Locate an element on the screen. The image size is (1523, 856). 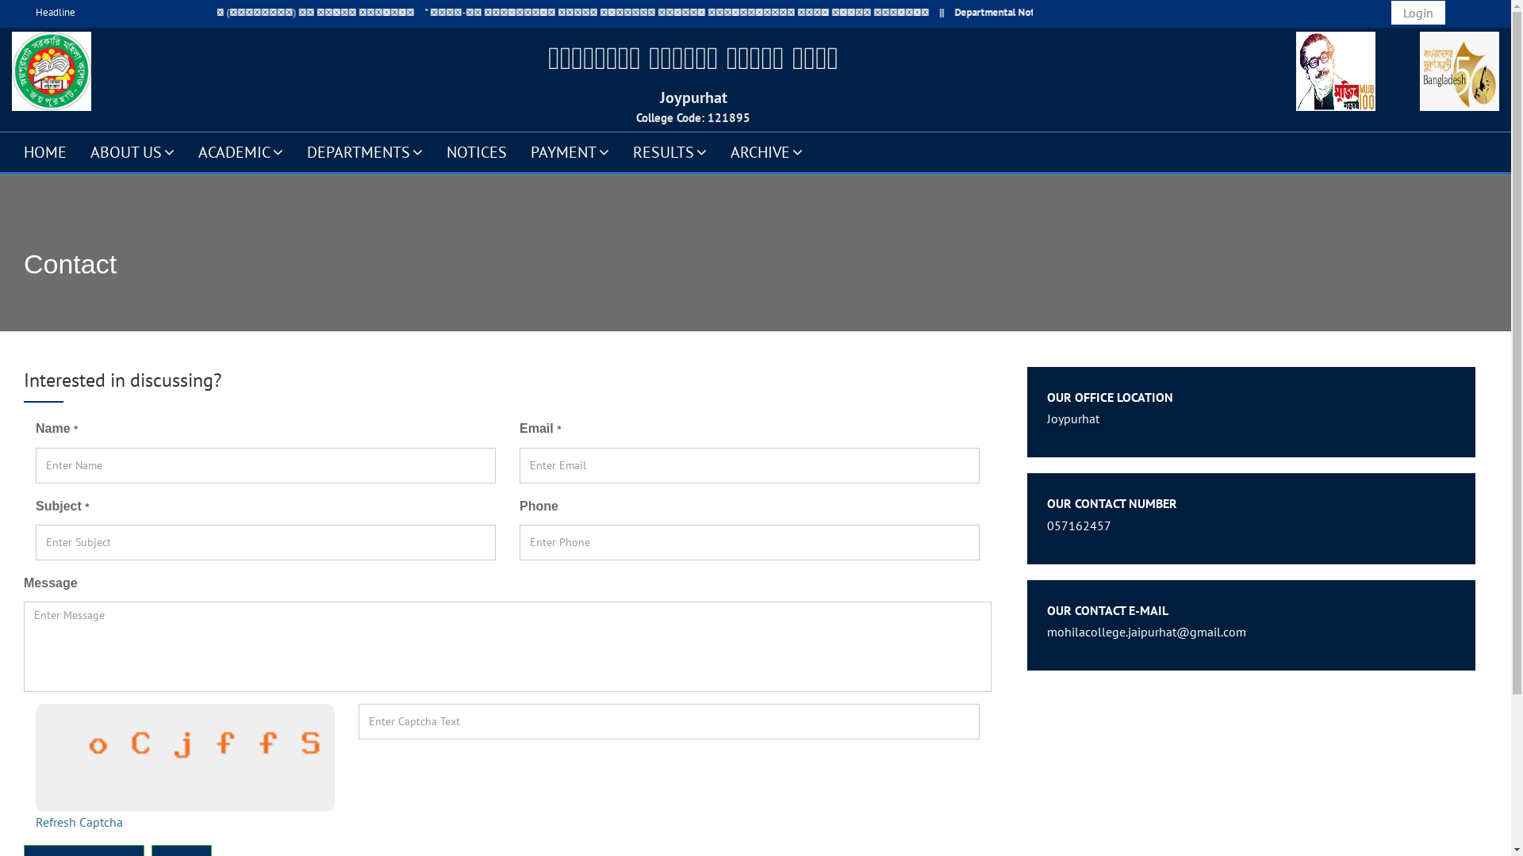
'DEPARTMENTS' is located at coordinates (364, 151).